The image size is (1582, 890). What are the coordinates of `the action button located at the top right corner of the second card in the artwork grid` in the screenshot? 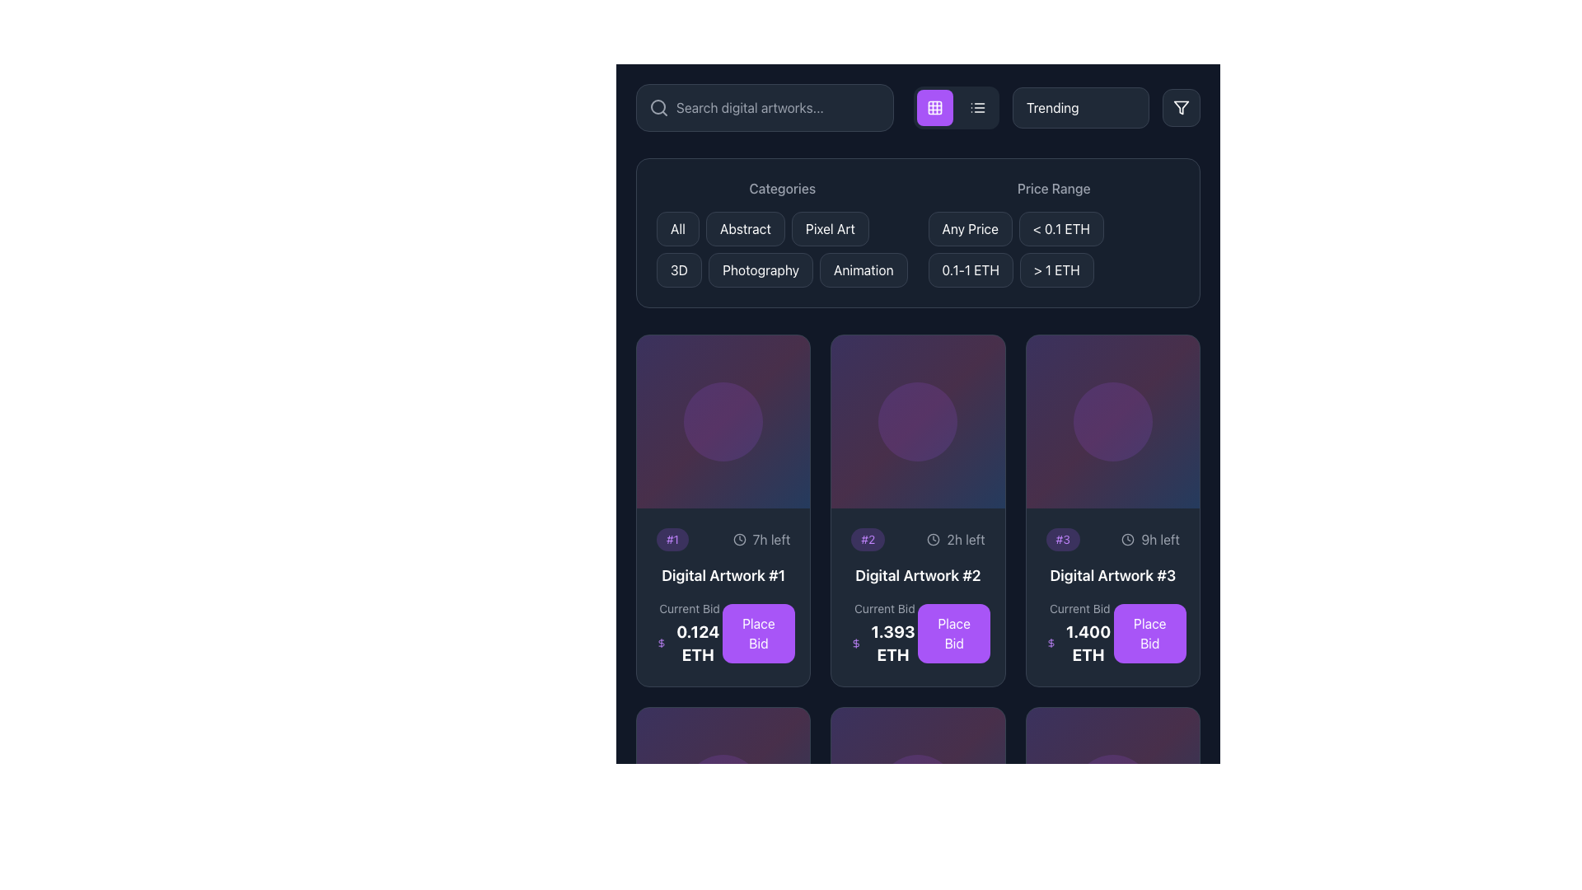 It's located at (977, 397).